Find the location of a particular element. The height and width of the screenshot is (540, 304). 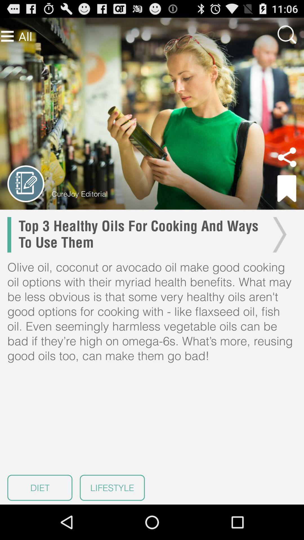

next is located at coordinates (278, 235).